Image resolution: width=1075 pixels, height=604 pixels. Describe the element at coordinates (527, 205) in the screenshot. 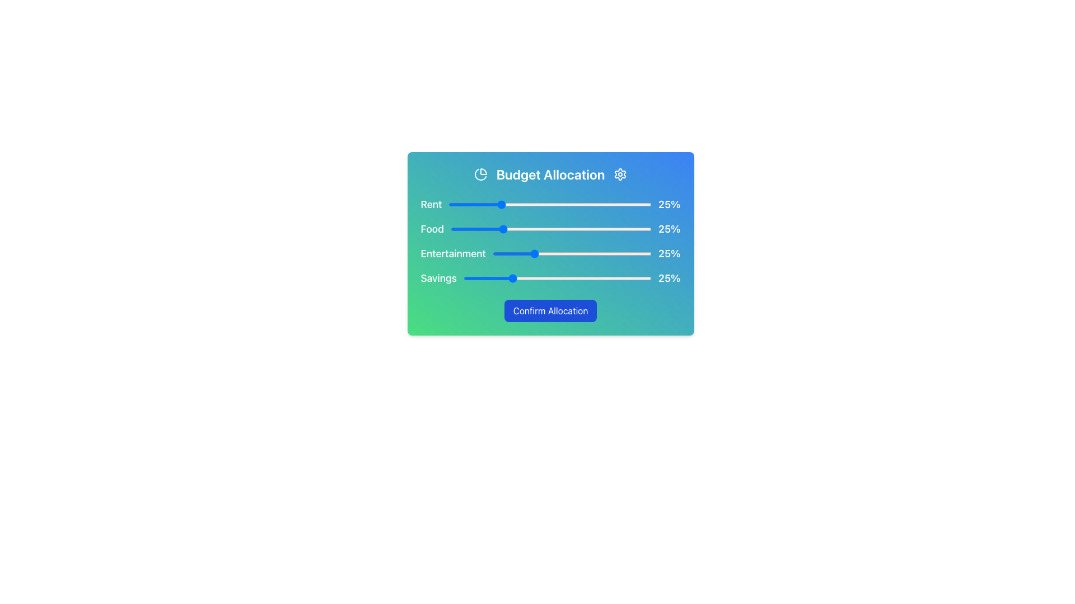

I see `the 'Rent' allocation slider` at that location.